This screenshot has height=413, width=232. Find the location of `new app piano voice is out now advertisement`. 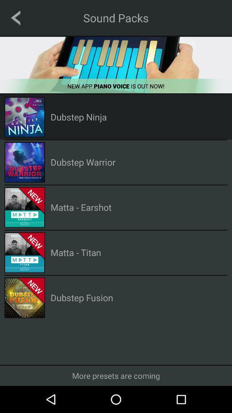

new app piano voice is out now advertisement is located at coordinates (116, 65).